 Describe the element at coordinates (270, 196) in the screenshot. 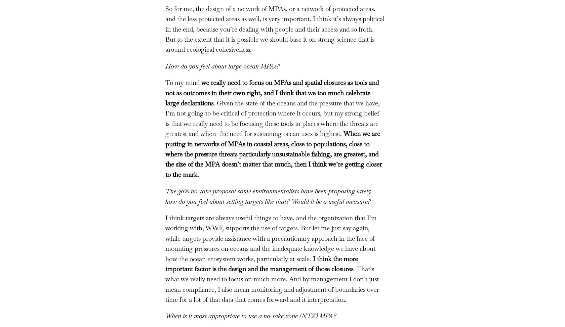

I see `'The 30% no-take proposal some environmentalists have been proposing lately – how do you feel about setting targets like that? Would it be a useful measure?'` at that location.